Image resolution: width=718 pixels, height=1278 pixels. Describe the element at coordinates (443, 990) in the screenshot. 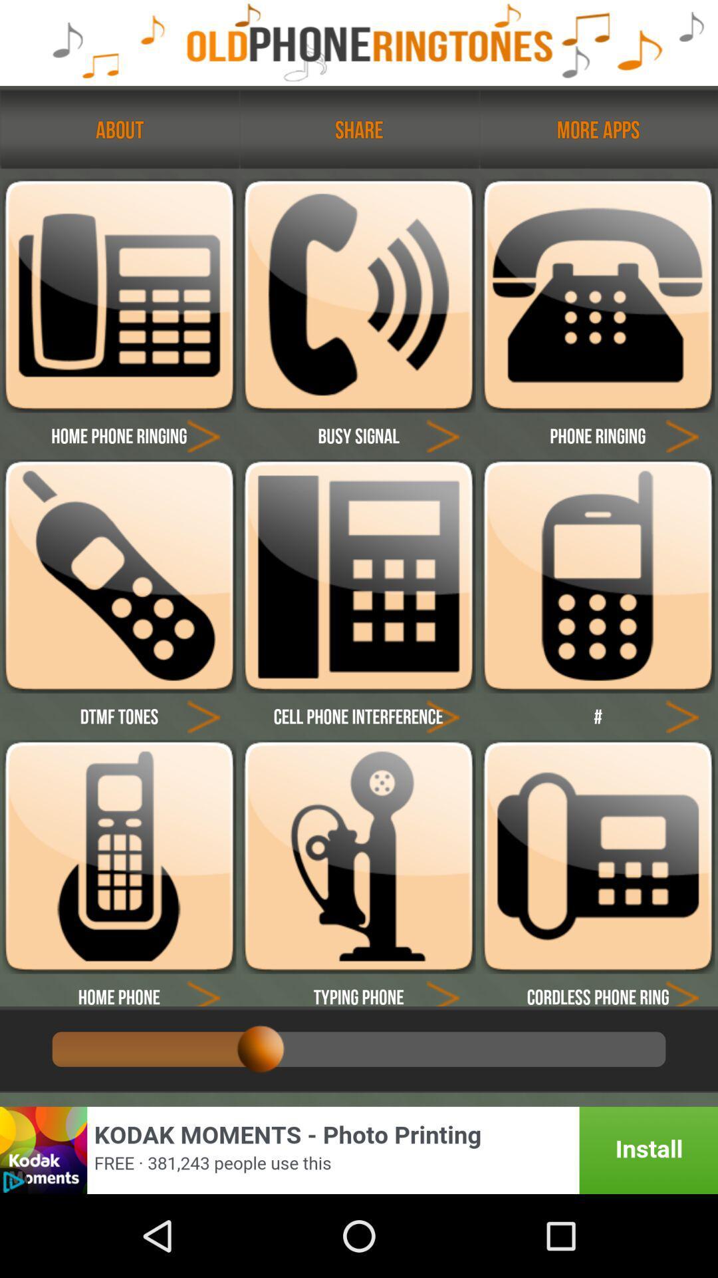

I see `next` at that location.